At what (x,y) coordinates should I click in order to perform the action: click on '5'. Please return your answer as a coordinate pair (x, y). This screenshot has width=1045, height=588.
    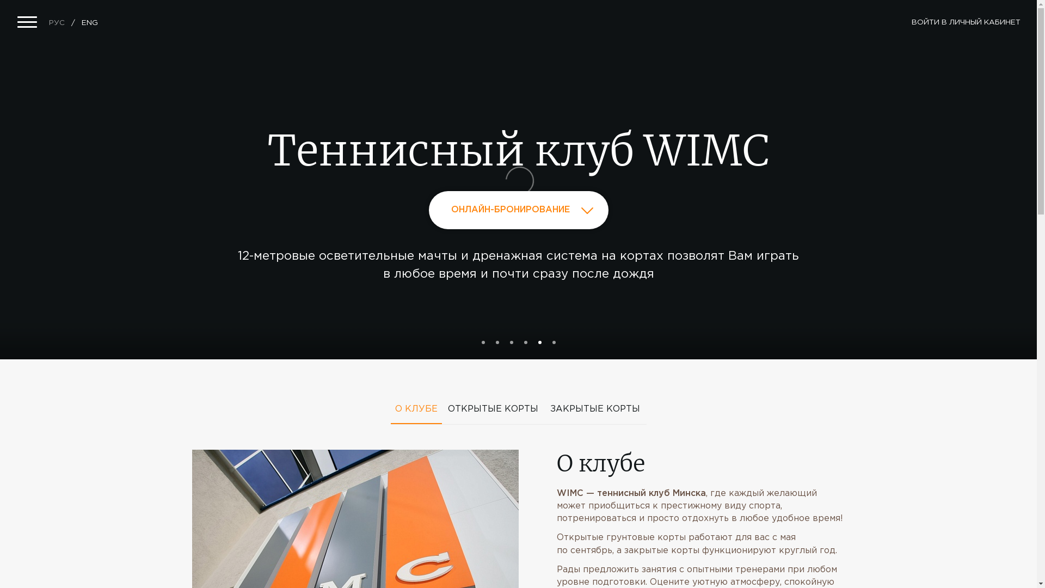
    Looking at the image, I should click on (538, 341).